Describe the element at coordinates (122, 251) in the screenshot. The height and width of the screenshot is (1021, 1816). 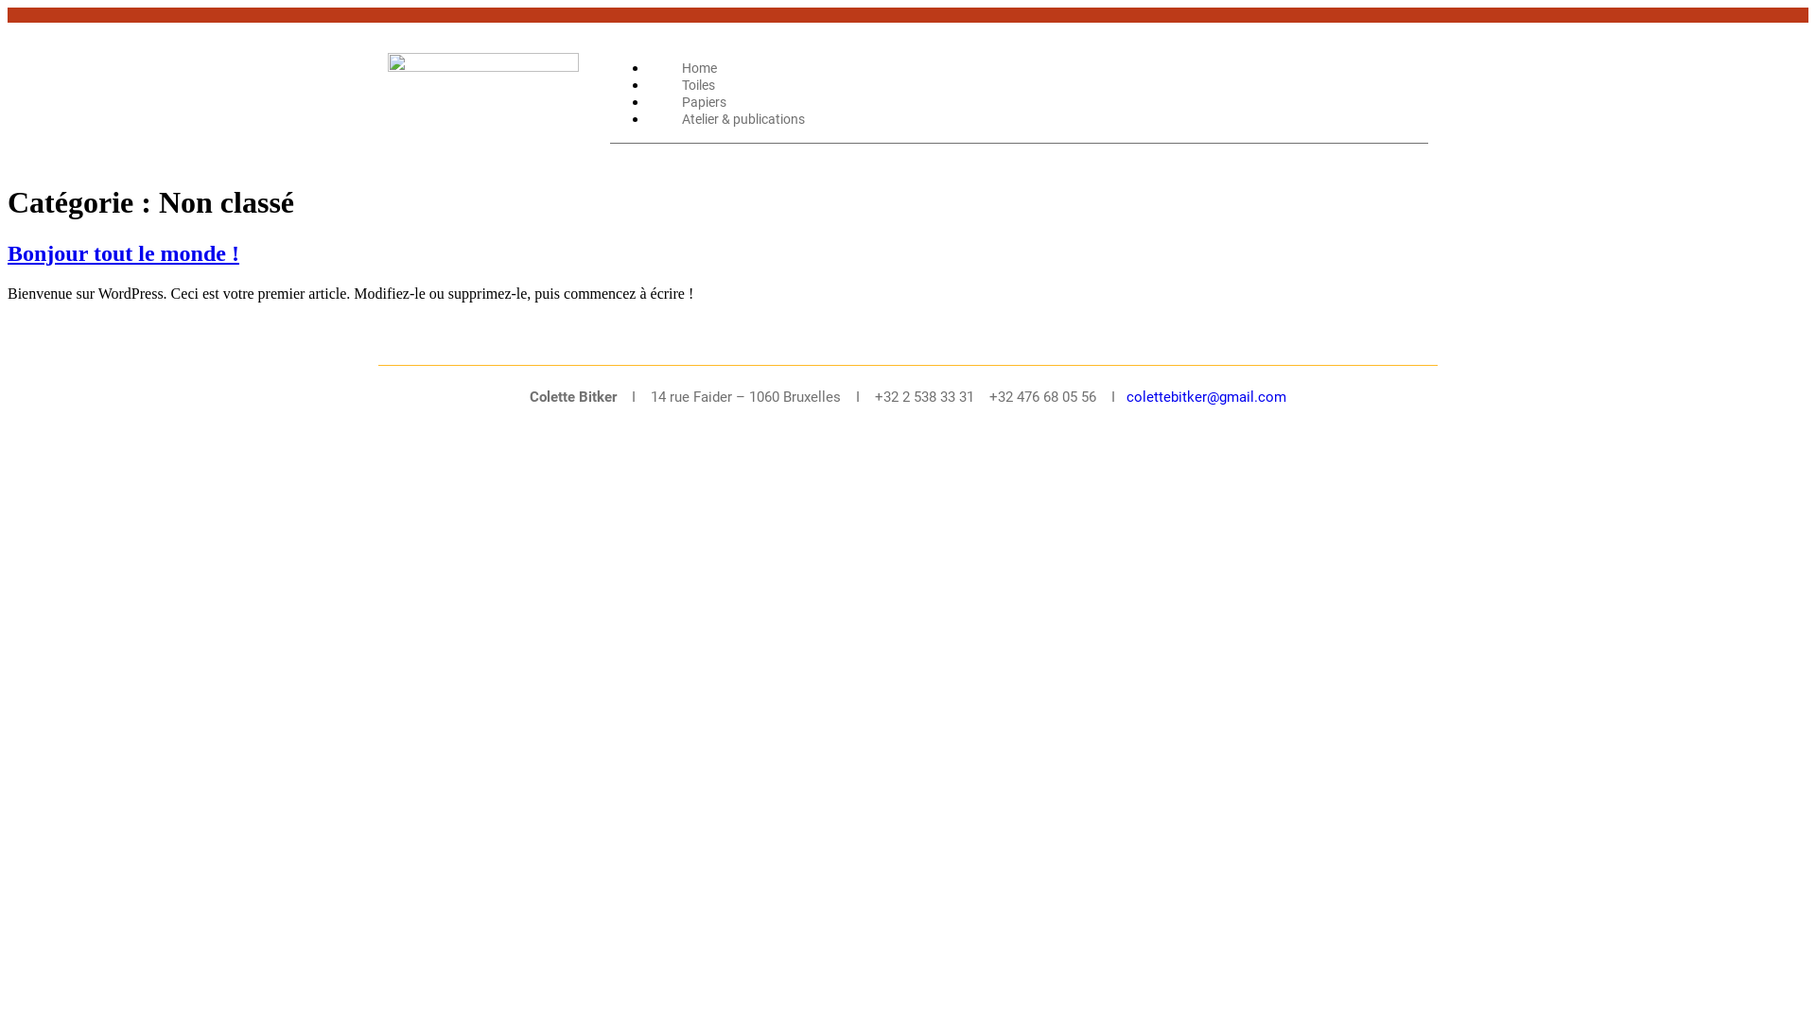
I see `'Bonjour tout le monde !'` at that location.